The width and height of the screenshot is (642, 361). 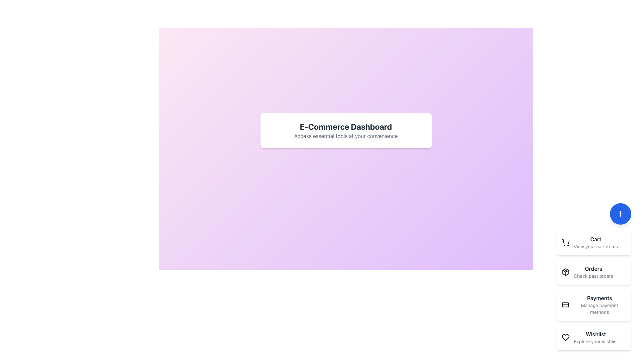 I want to click on the cart icon located at the top right corner of the vertical list of options, so click(x=565, y=242).